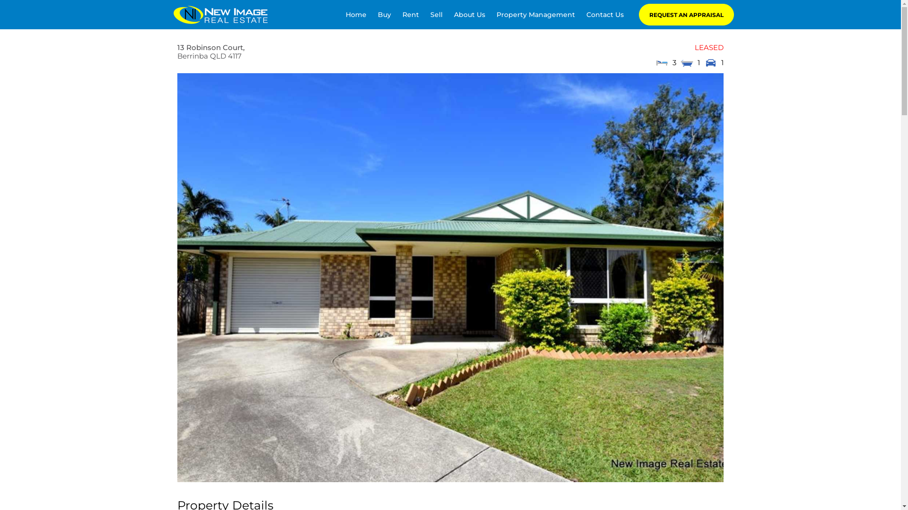 This screenshot has width=908, height=510. What do you see at coordinates (535, 14) in the screenshot?
I see `'Property Management'` at bounding box center [535, 14].